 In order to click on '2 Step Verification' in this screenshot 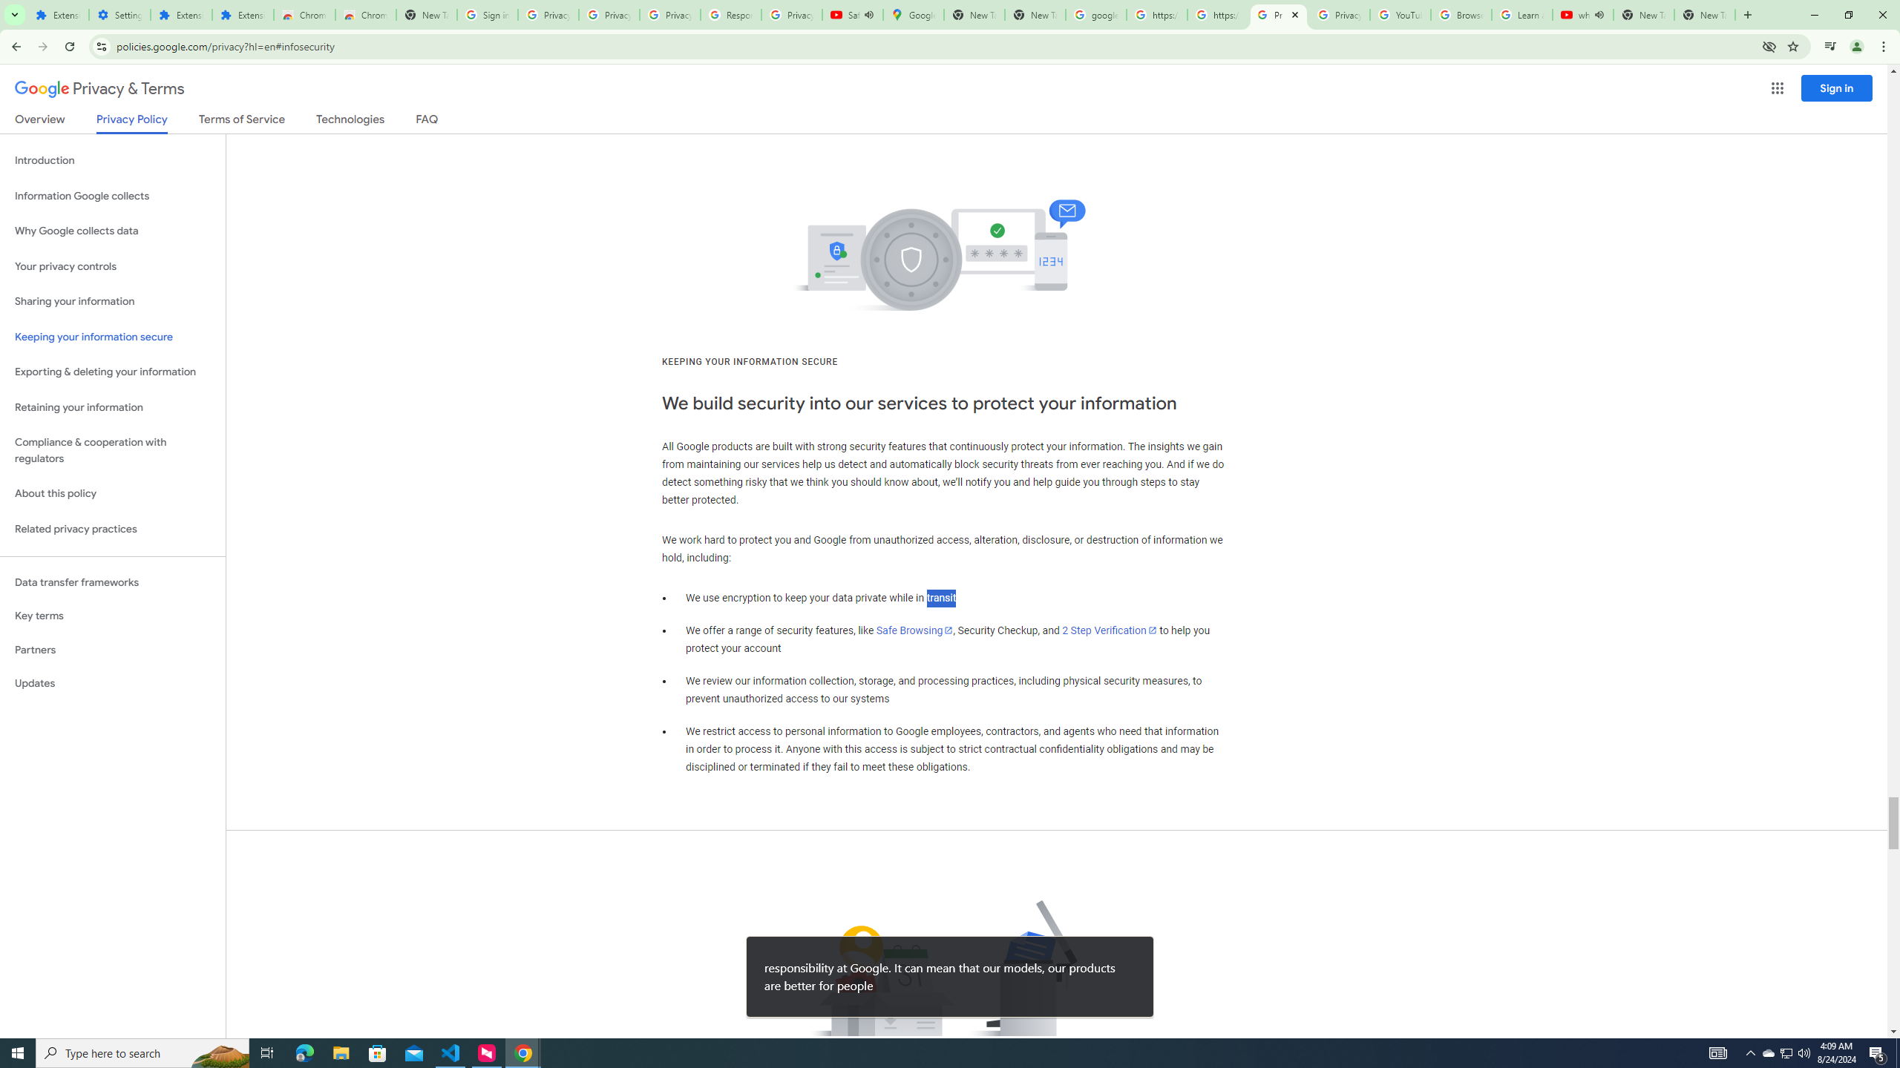, I will do `click(1110, 630)`.